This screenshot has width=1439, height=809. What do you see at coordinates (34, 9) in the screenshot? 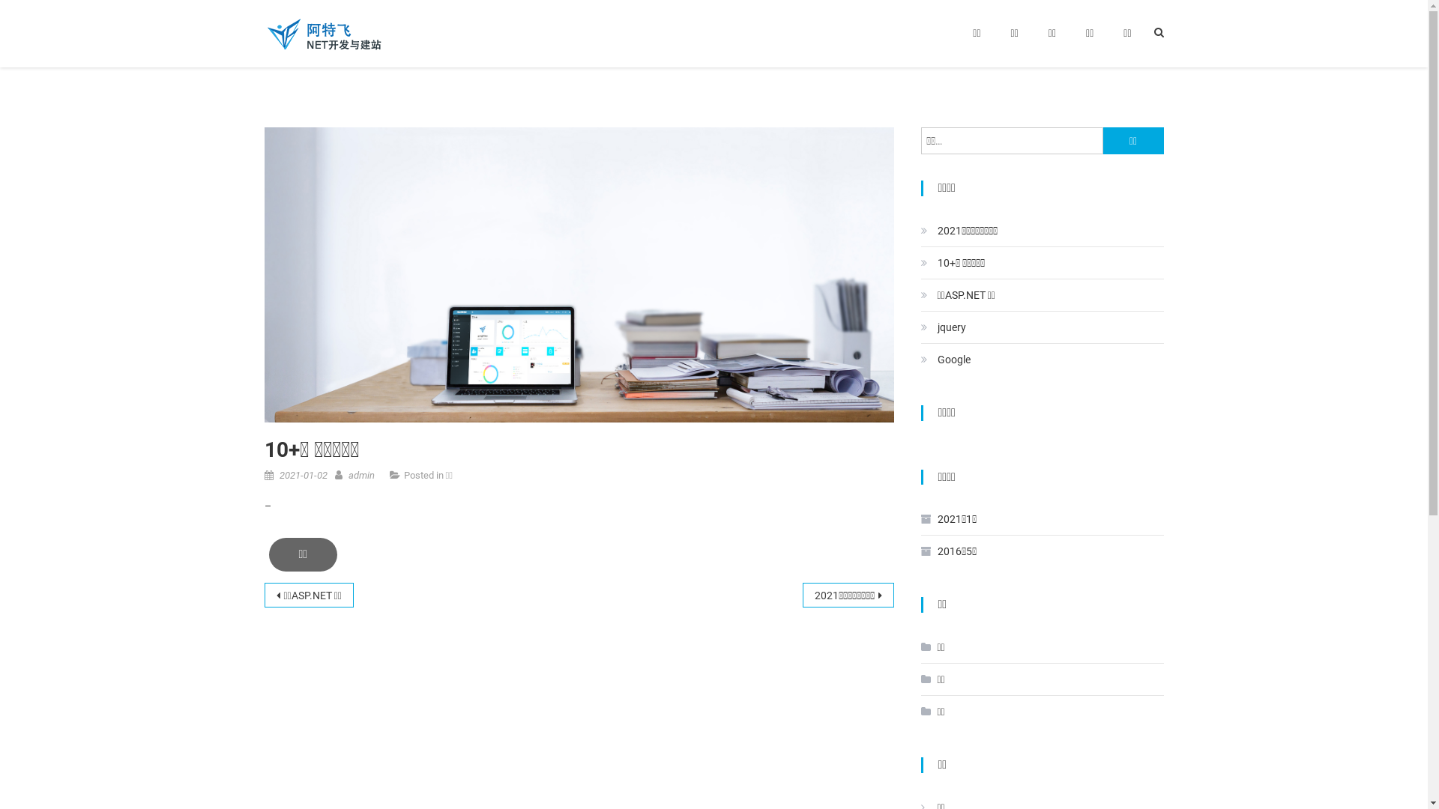
I see `'Skip to content'` at bounding box center [34, 9].